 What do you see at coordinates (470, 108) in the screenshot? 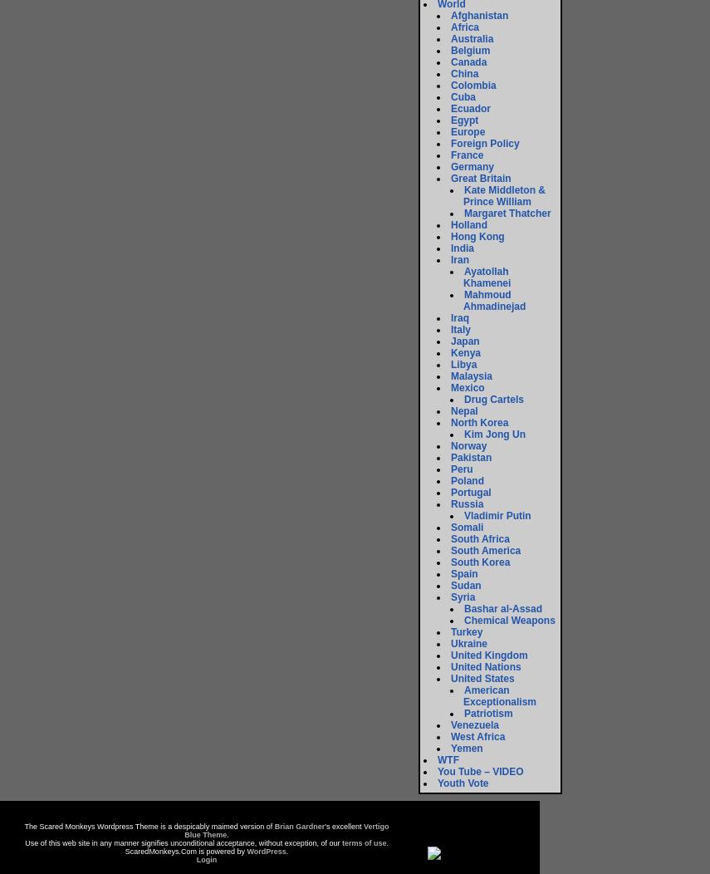
I see `'Ecuador'` at bounding box center [470, 108].